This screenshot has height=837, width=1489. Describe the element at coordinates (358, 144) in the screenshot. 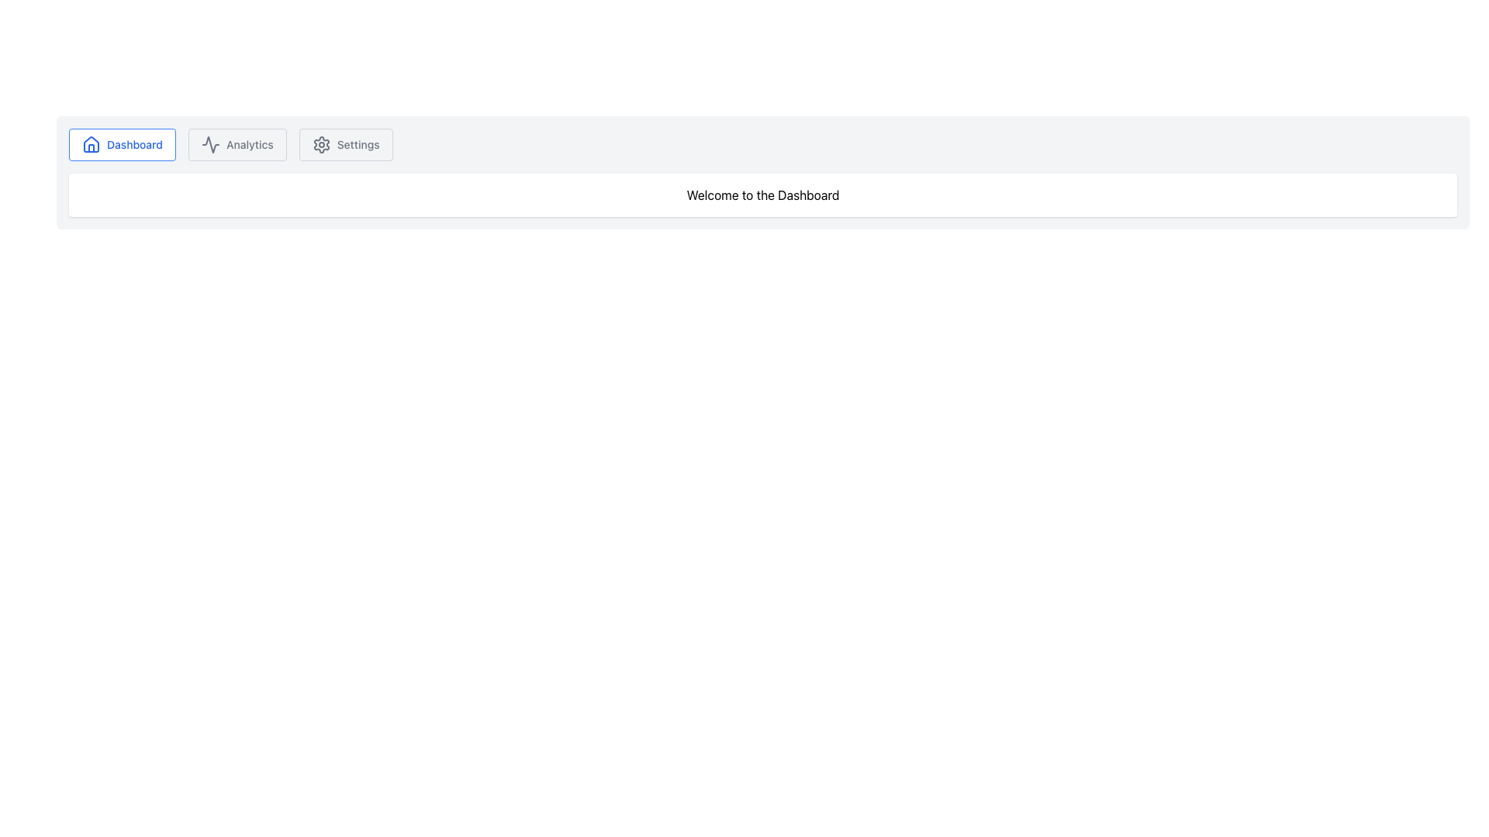

I see `the settings text label located in the header navigation bar, which is the third option after 'Dashboard' and 'Analytics'` at that location.